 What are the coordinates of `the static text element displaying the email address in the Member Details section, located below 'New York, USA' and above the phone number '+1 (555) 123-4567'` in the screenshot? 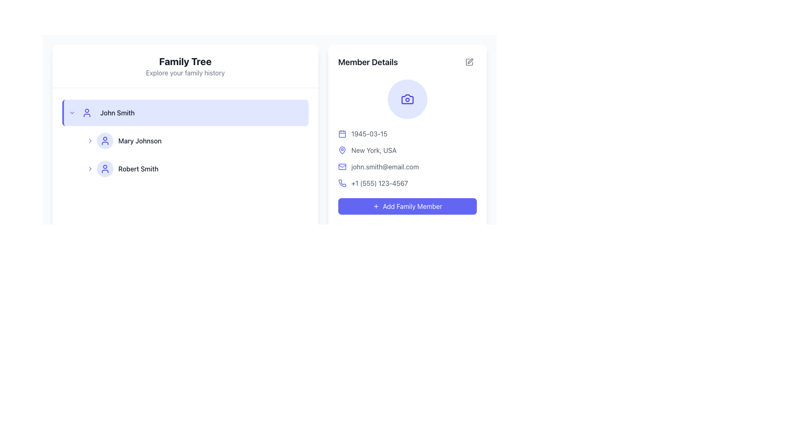 It's located at (384, 167).